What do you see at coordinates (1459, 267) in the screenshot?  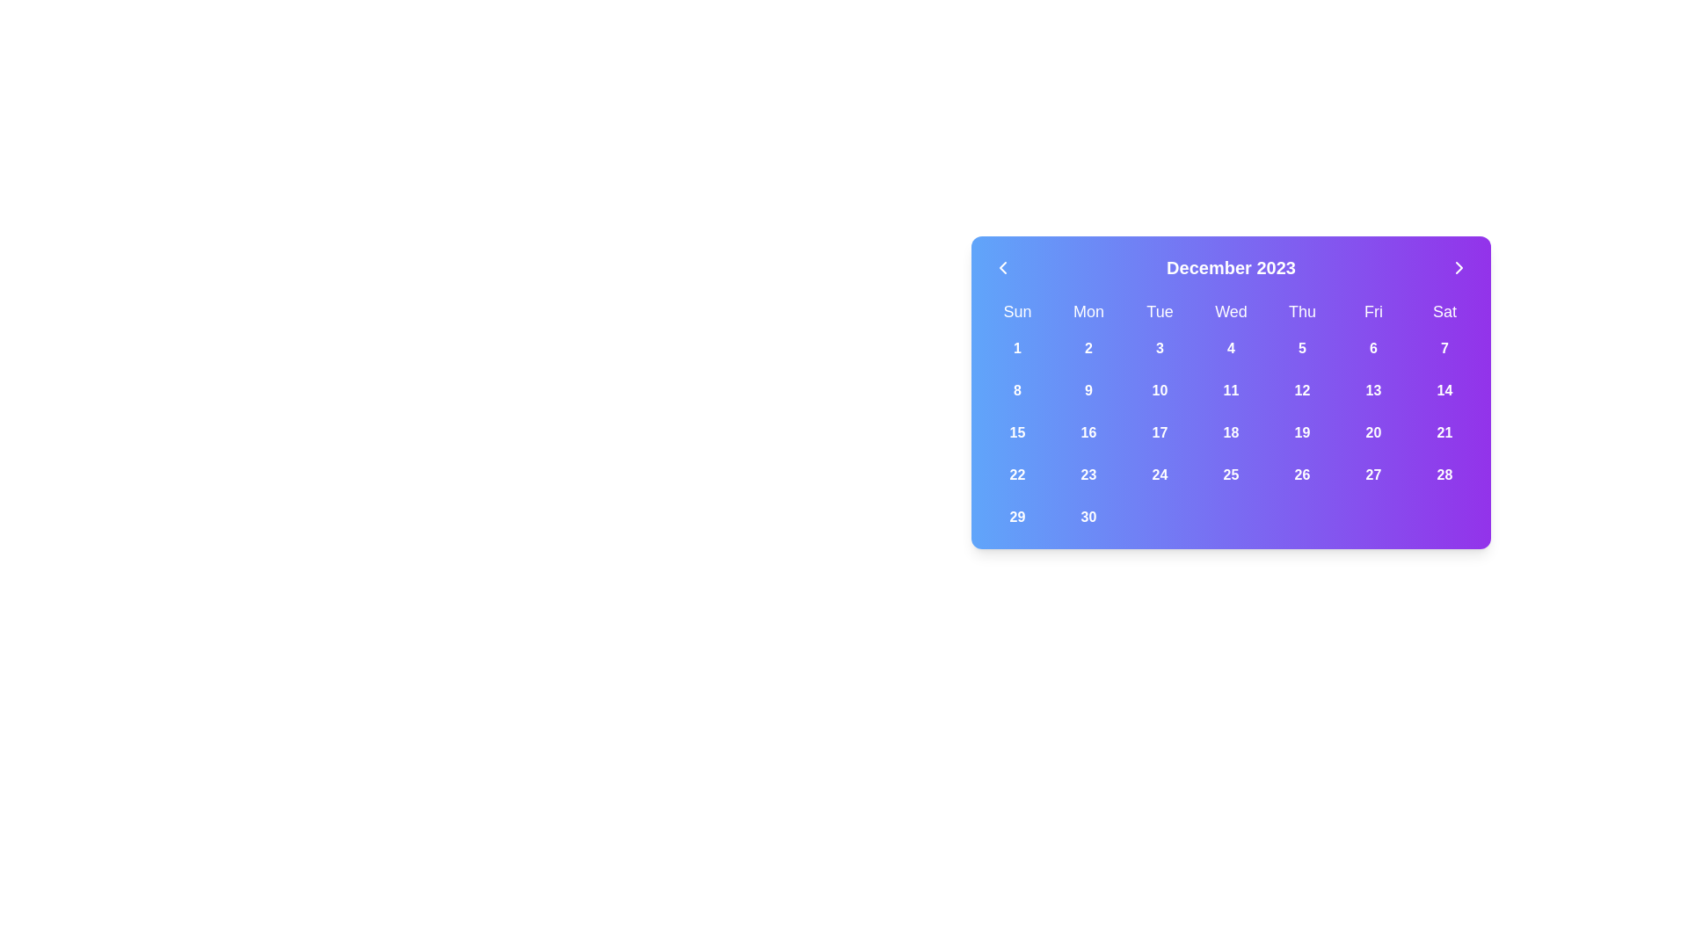 I see `the circular button with a rightward pointing chevron icon located at the top-right corner of the calendar component` at bounding box center [1459, 267].